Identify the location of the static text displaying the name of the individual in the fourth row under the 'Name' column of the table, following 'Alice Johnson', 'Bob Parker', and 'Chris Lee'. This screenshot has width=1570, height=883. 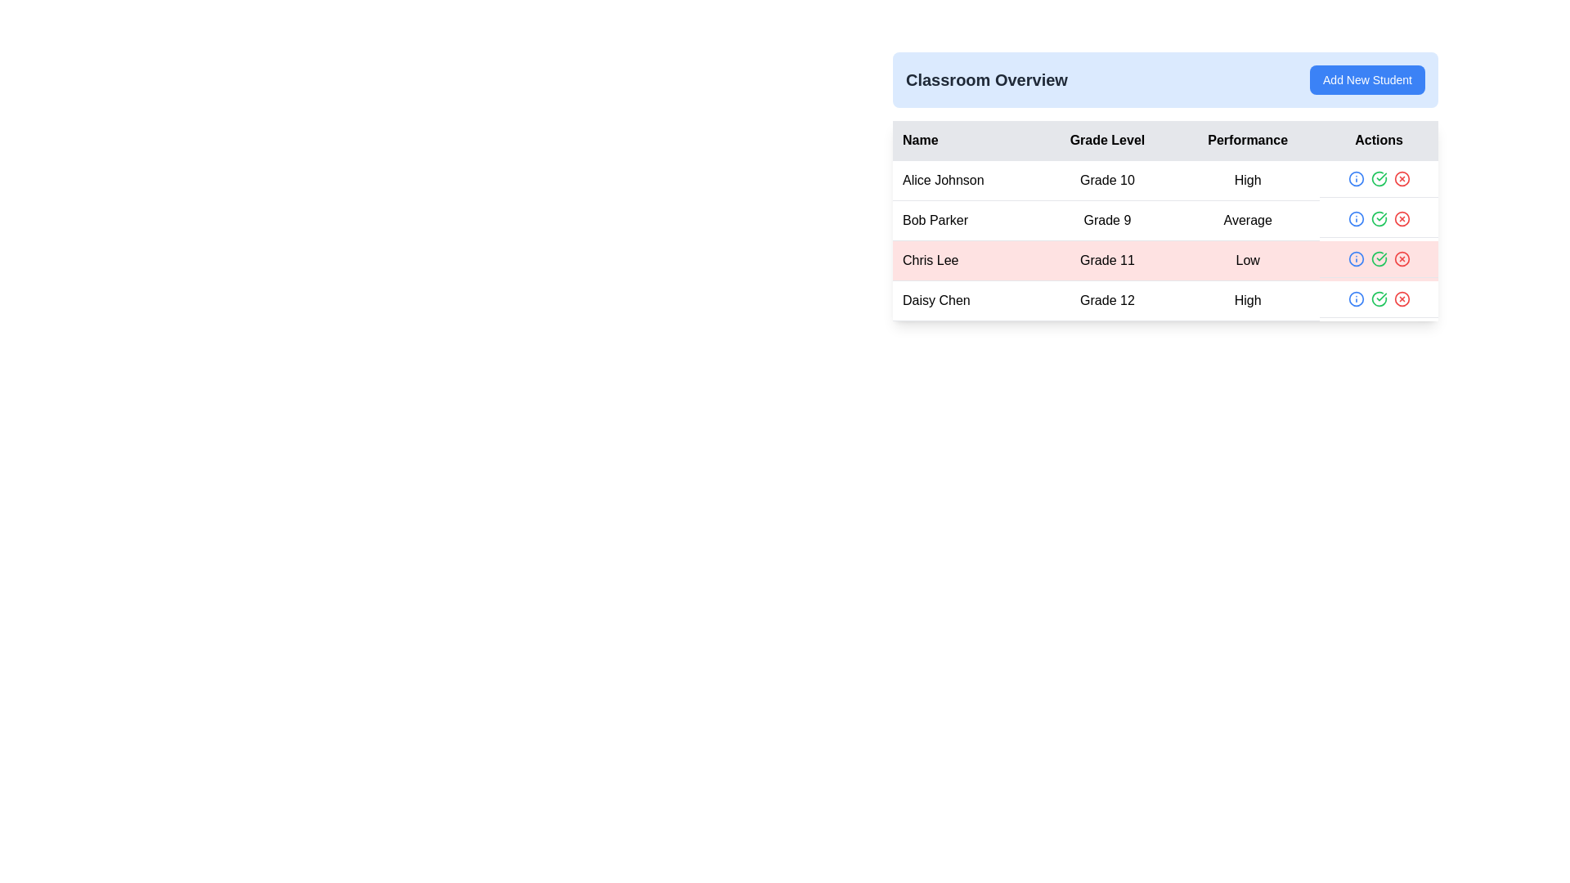
(966, 300).